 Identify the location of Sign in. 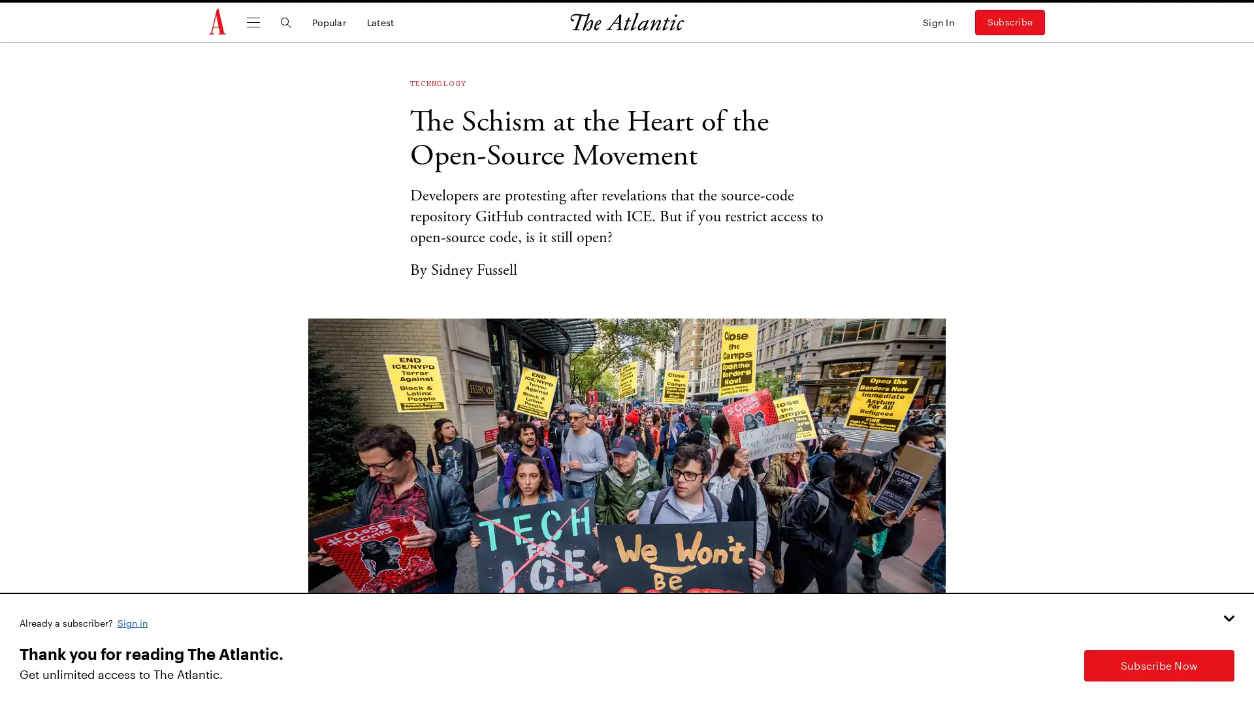
(133, 621).